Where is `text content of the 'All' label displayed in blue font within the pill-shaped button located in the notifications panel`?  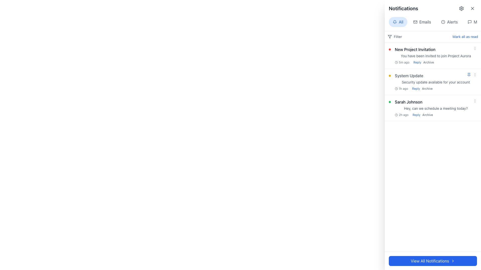
text content of the 'All' label displayed in blue font within the pill-shaped button located in the notifications panel is located at coordinates (401, 22).